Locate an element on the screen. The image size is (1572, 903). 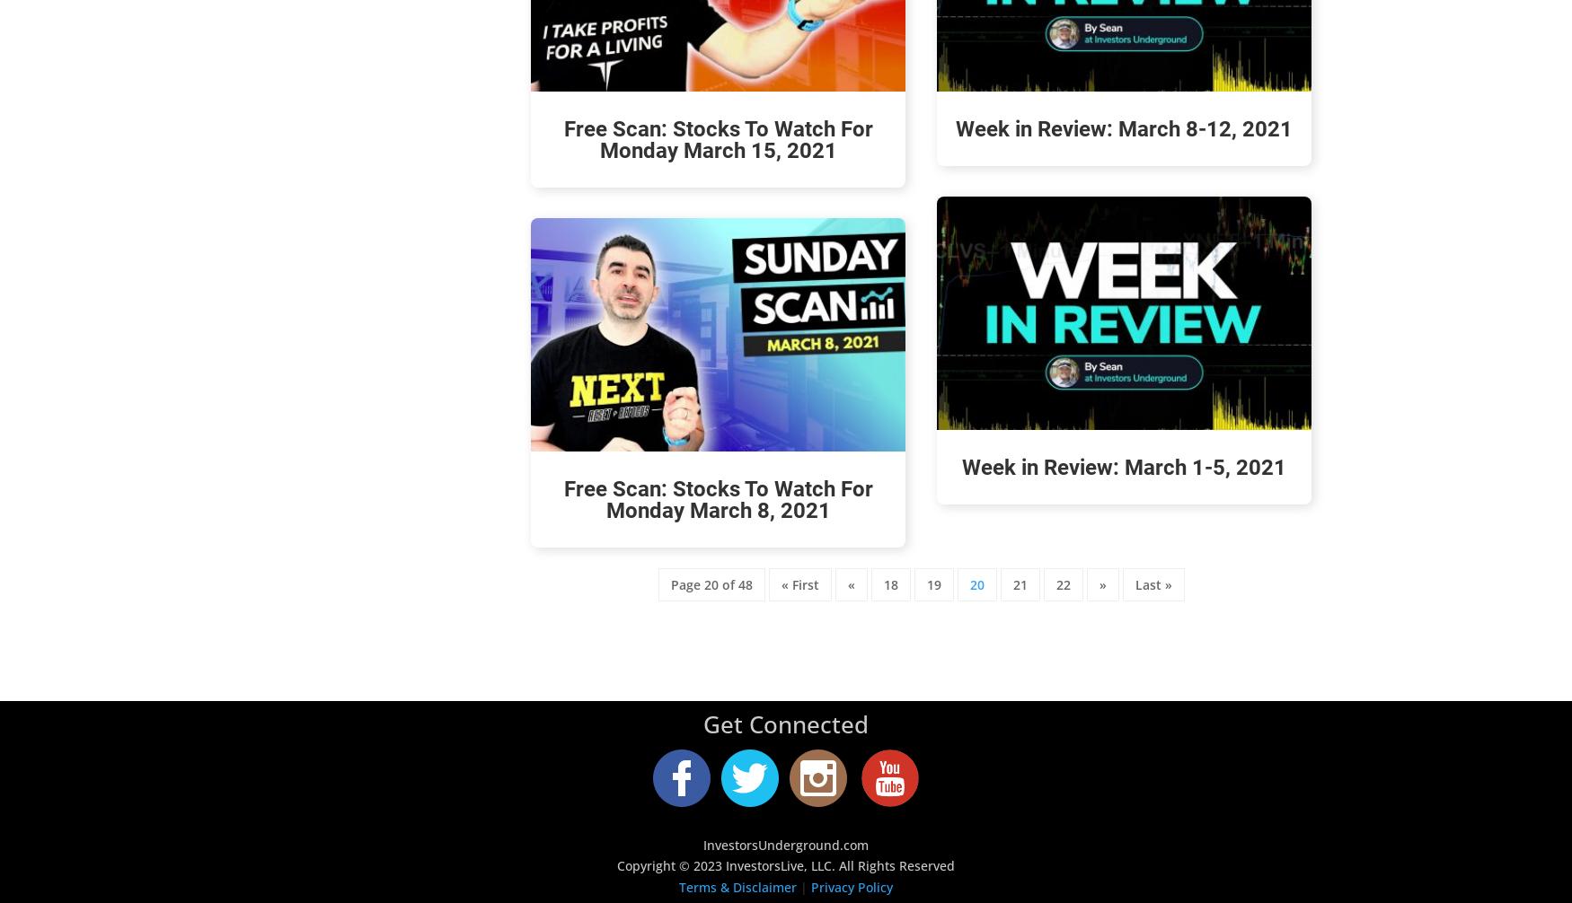
'Get Connected' is located at coordinates (786, 723).